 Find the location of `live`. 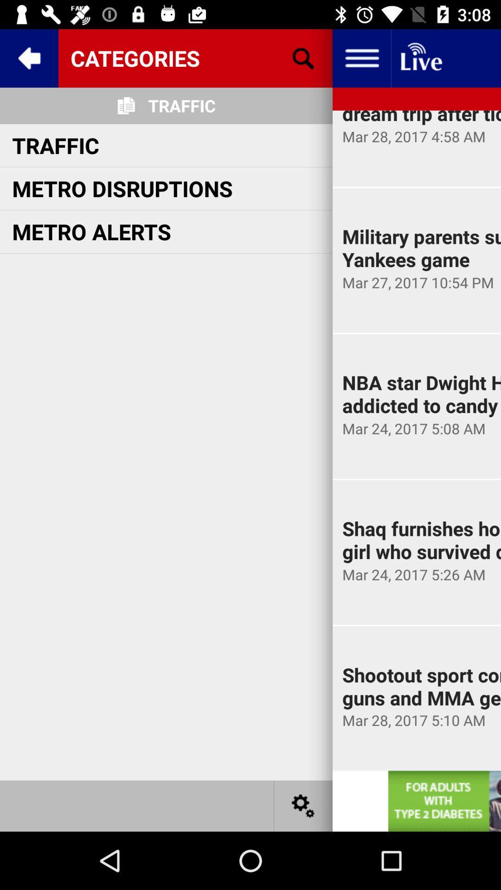

live is located at coordinates (420, 57).